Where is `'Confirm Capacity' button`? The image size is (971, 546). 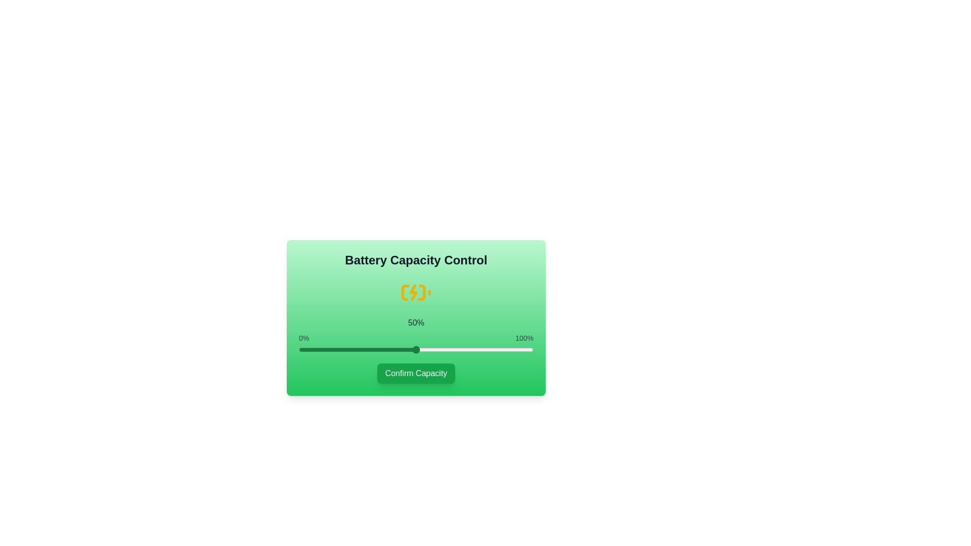
'Confirm Capacity' button is located at coordinates (416, 374).